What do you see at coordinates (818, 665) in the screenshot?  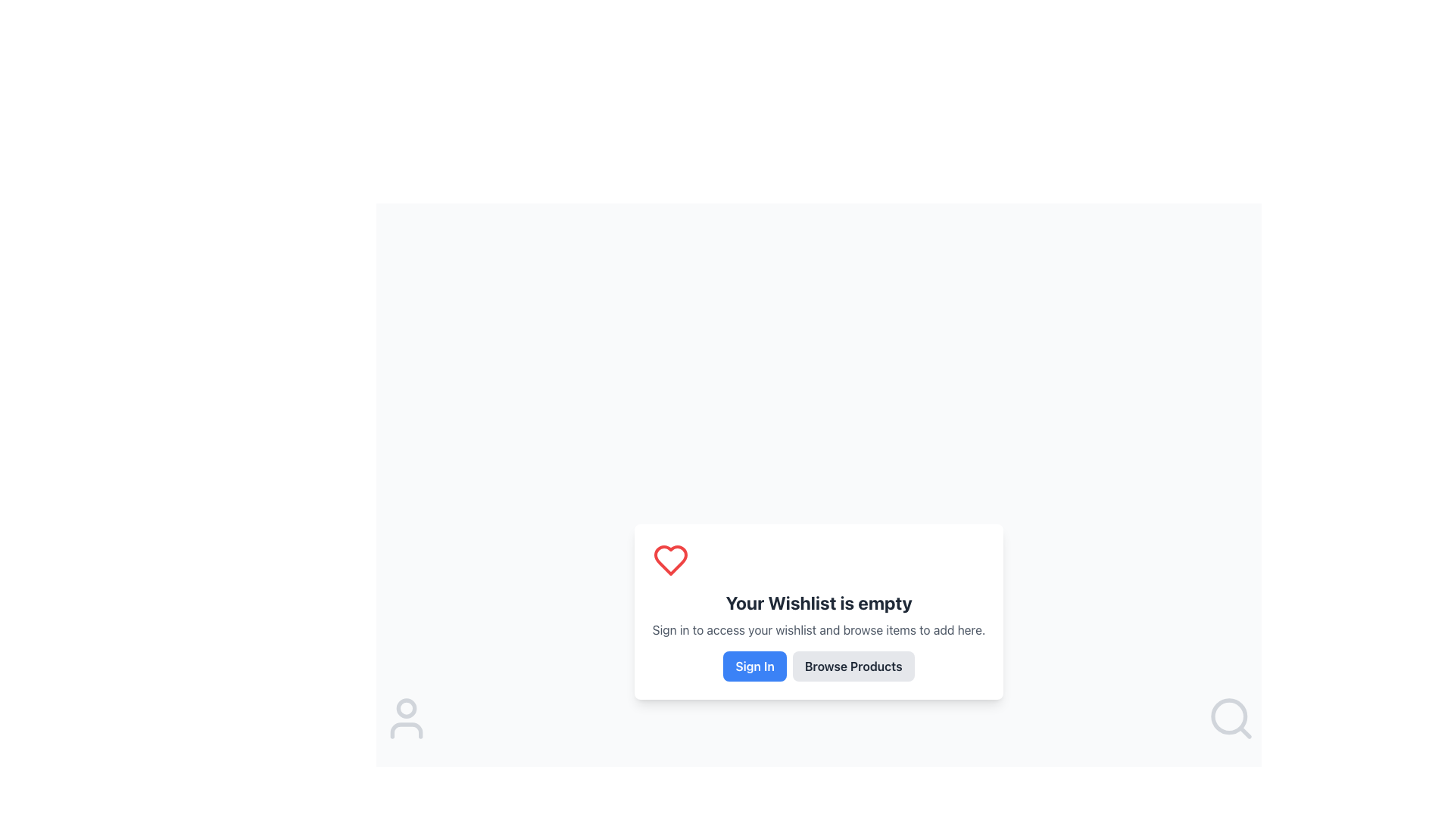 I see `the button located at the bottom of the card layout titled 'Your Wishlist is empty'` at bounding box center [818, 665].